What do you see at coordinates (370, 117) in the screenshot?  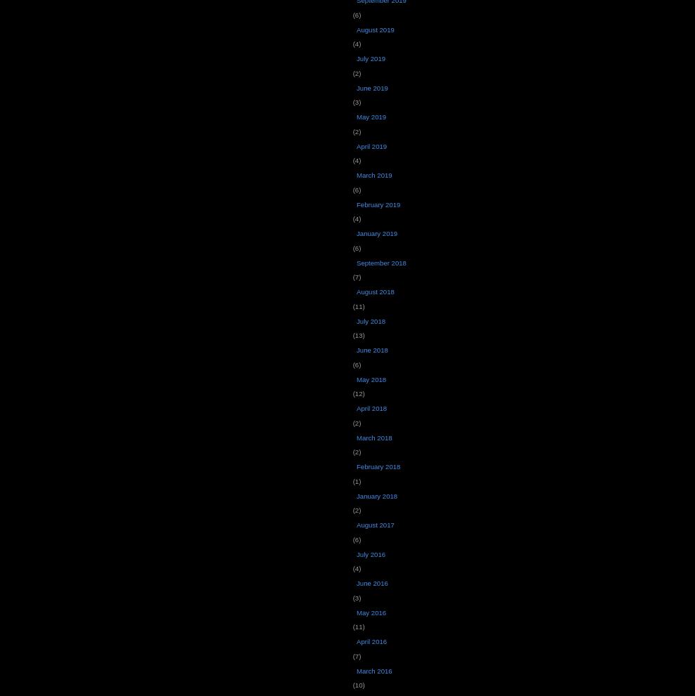 I see `'May 2019'` at bounding box center [370, 117].